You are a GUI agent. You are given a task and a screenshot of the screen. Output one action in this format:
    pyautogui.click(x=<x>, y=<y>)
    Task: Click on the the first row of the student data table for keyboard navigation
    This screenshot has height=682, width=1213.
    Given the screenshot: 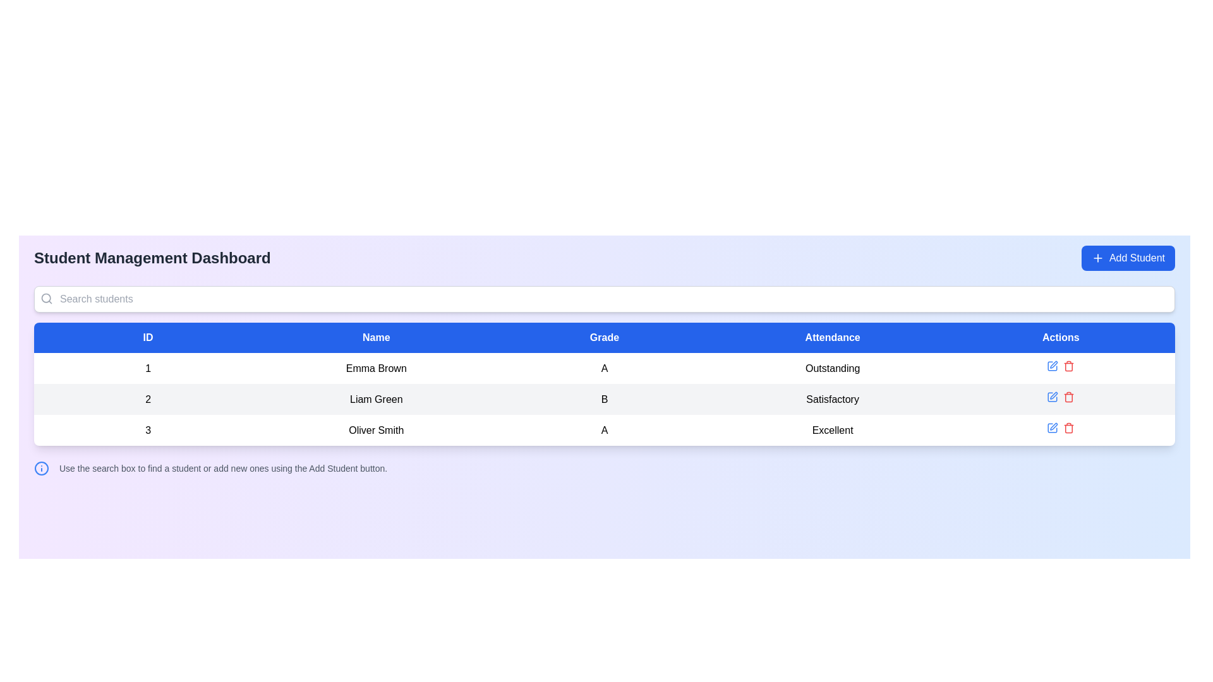 What is the action you would take?
    pyautogui.click(x=603, y=368)
    